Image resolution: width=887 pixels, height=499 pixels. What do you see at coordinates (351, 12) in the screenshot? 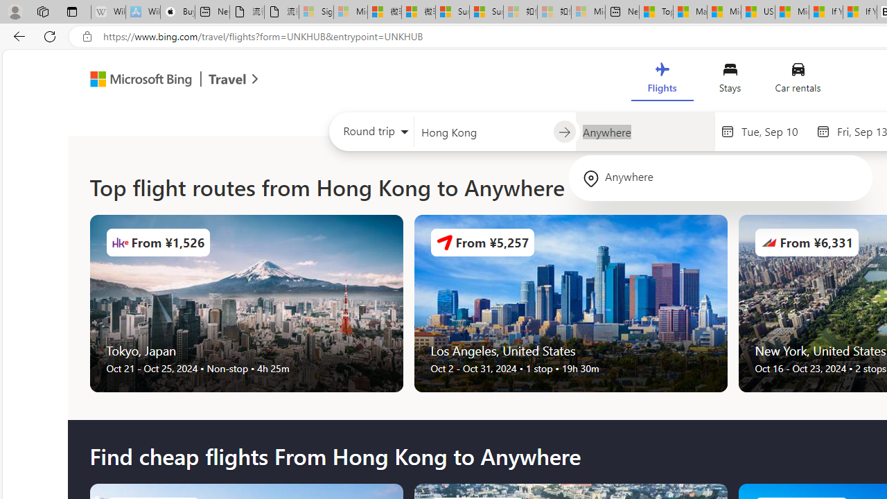
I see `'Microsoft Services Agreement - Sleeping'` at bounding box center [351, 12].